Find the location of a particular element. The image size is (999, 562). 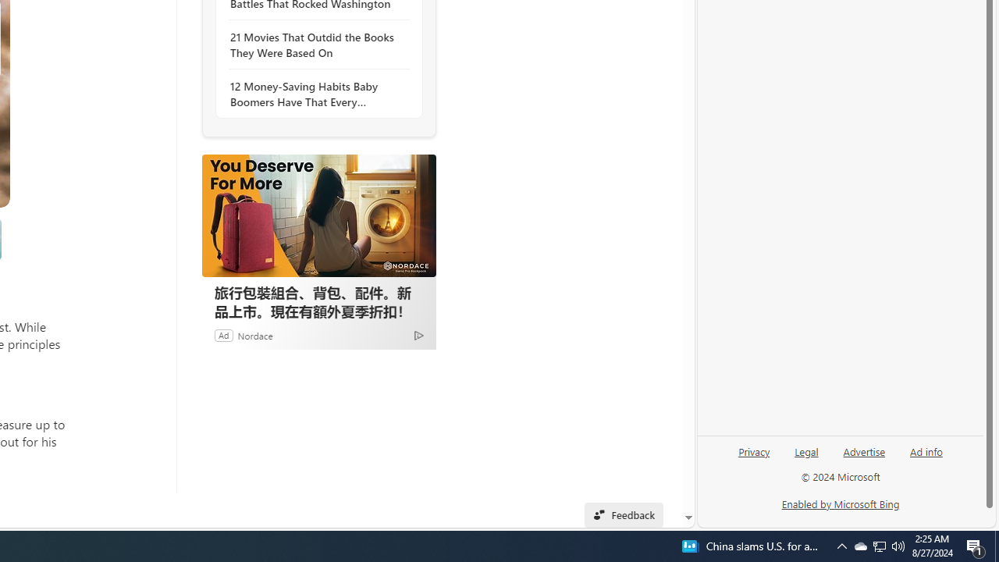

'Privacy' is located at coordinates (754, 450).